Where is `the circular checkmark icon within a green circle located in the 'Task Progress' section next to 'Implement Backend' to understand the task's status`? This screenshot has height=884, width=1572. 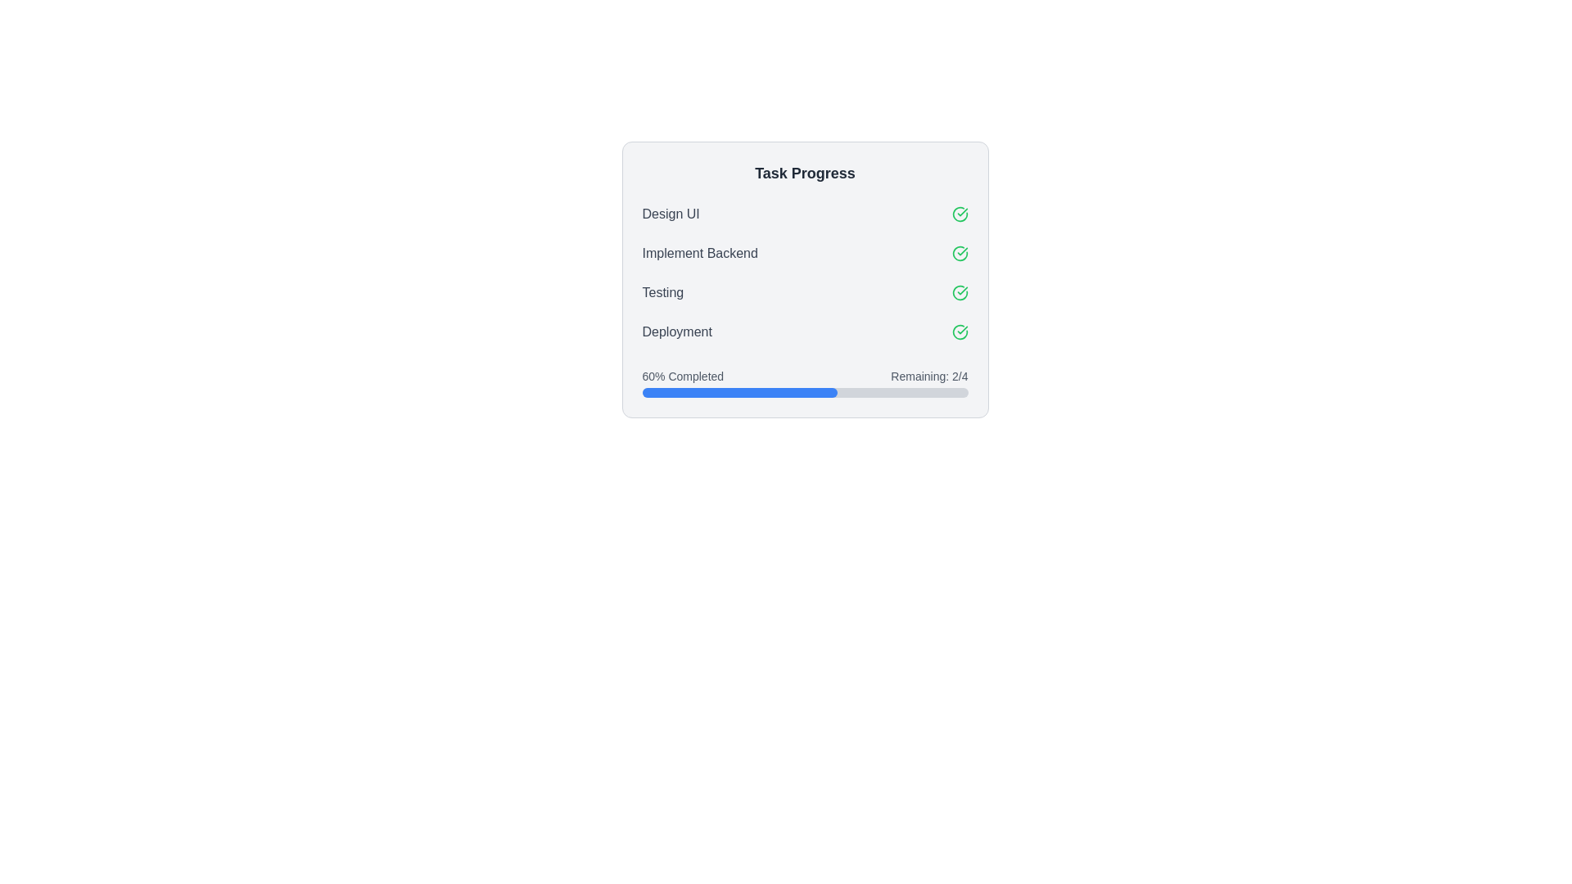
the circular checkmark icon within a green circle located in the 'Task Progress' section next to 'Implement Backend' to understand the task's status is located at coordinates (960, 253).